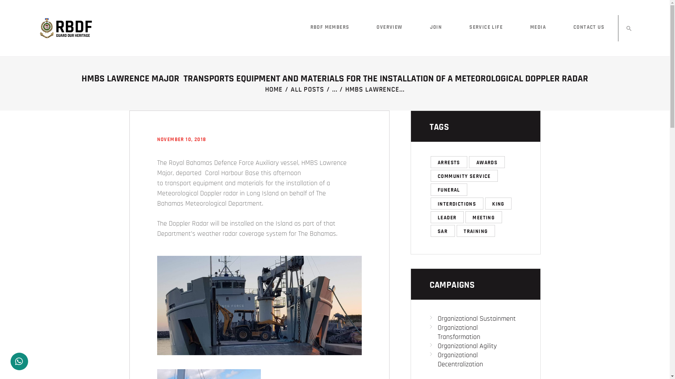 The image size is (675, 379). Describe the element at coordinates (437, 346) in the screenshot. I see `'Organizational Agility'` at that location.